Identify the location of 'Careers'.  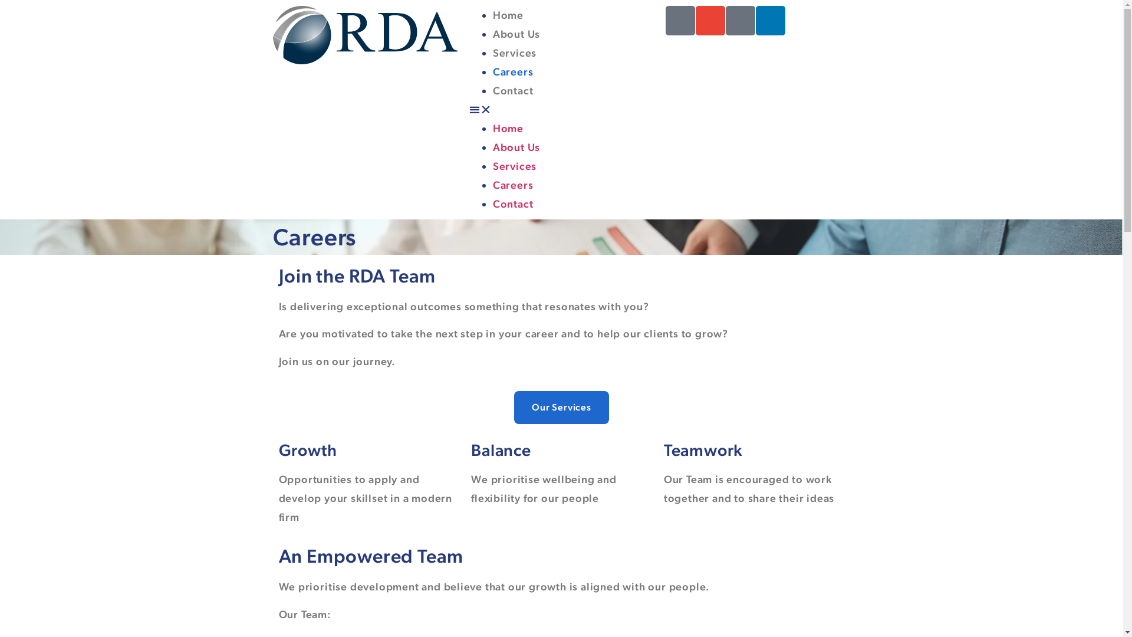
(513, 71).